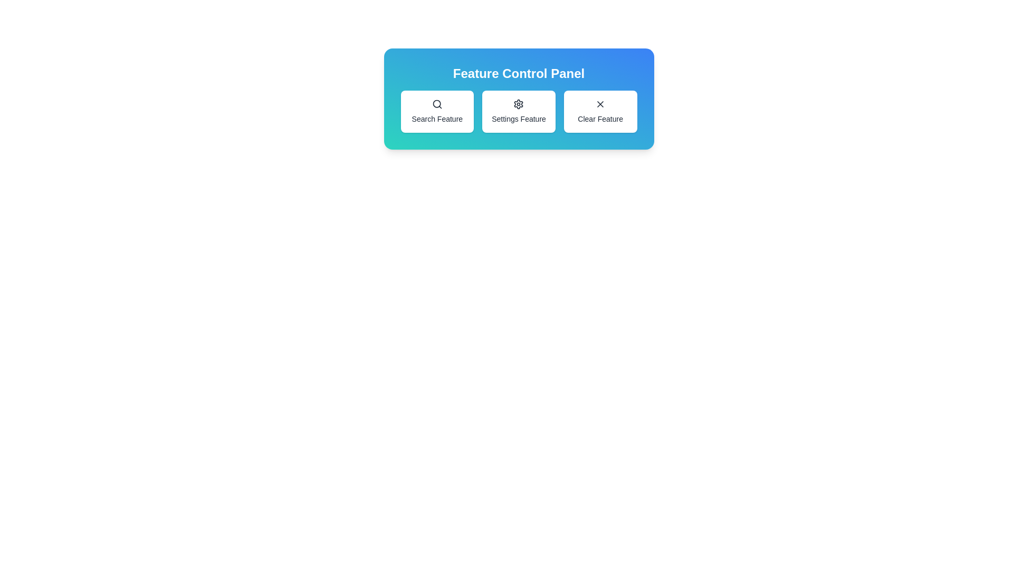 This screenshot has height=569, width=1013. I want to click on the small, X-shaped icon located within the third rectangular box labeled 'Clear Feature' in the 'Feature Control Panel', so click(600, 104).